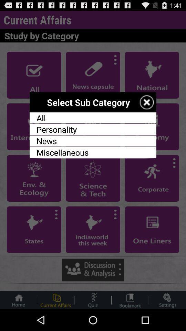 Image resolution: width=186 pixels, height=331 pixels. What do you see at coordinates (93, 118) in the screenshot?
I see `all icon` at bounding box center [93, 118].